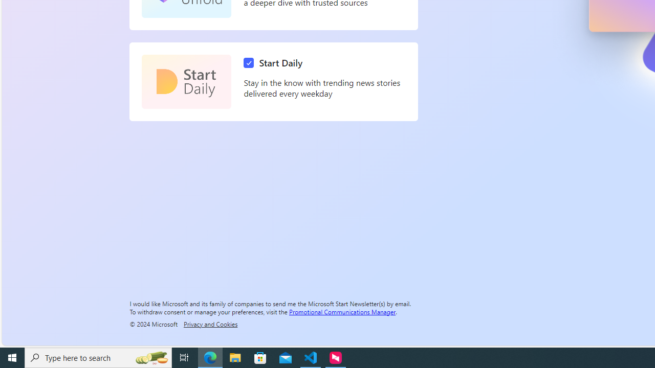  Describe the element at coordinates (342, 311) in the screenshot. I see `'Promotional Communications Manager'` at that location.